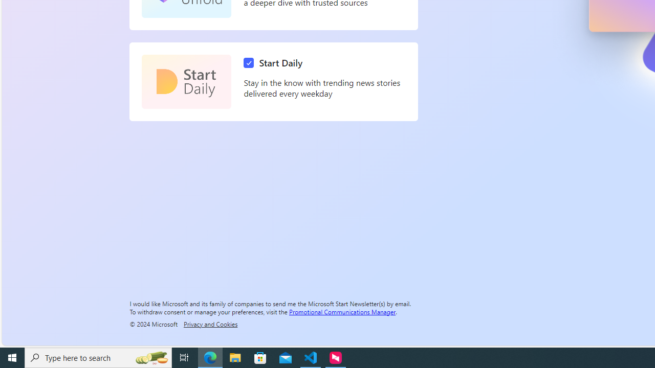  Describe the element at coordinates (342, 311) in the screenshot. I see `'Promotional Communications Manager'` at that location.